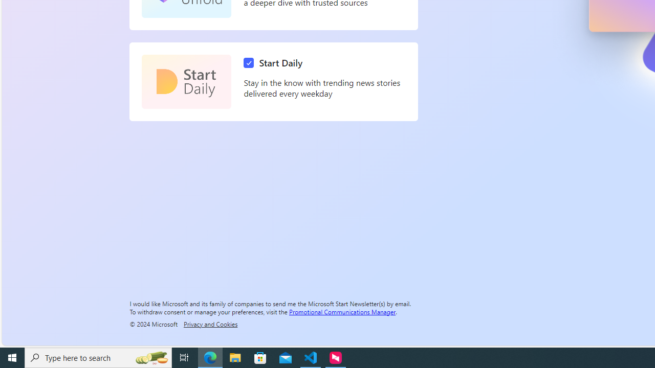  Describe the element at coordinates (342, 311) in the screenshot. I see `'Promotional Communications Manager'` at that location.